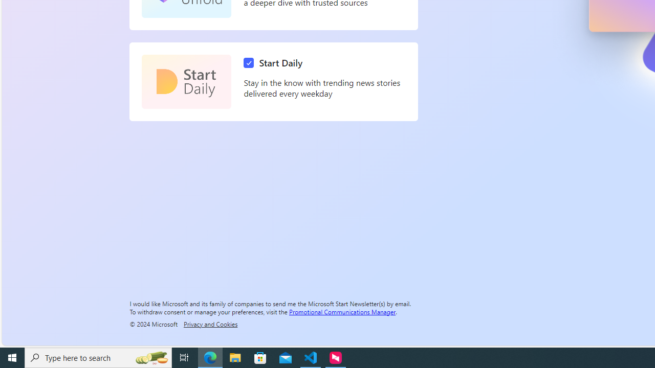  Describe the element at coordinates (342, 311) in the screenshot. I see `'Promotional Communications Manager'` at that location.